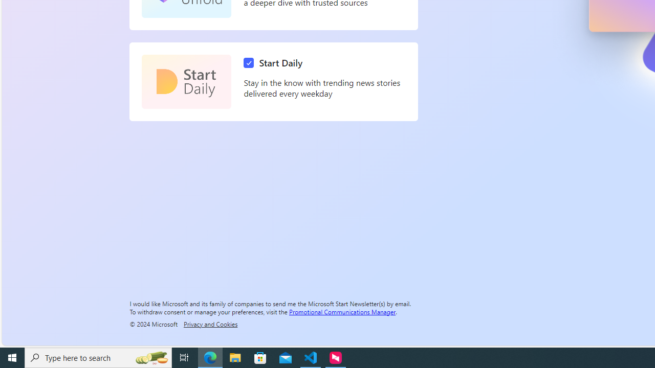  Describe the element at coordinates (342, 311) in the screenshot. I see `'Promotional Communications Manager'` at that location.